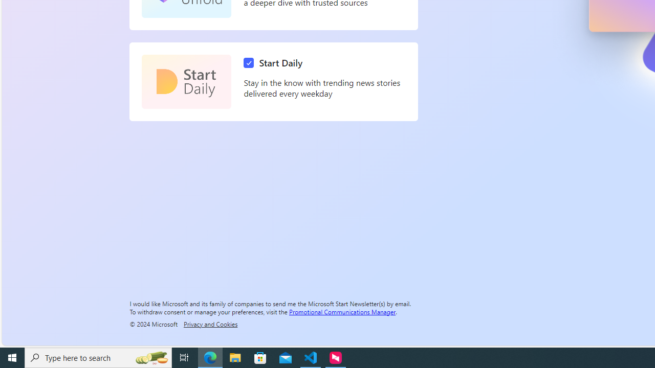  Describe the element at coordinates (342, 311) in the screenshot. I see `'Promotional Communications Manager'` at that location.